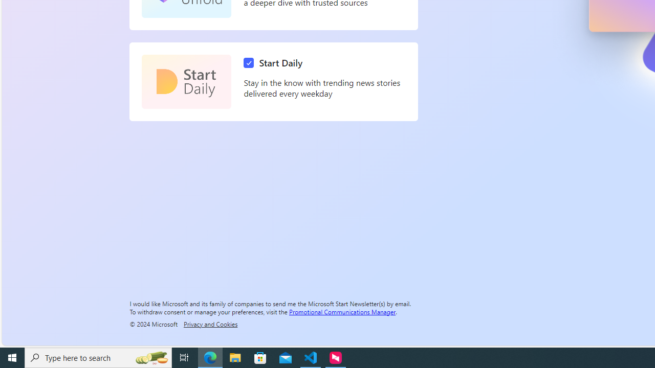  Describe the element at coordinates (342, 311) in the screenshot. I see `'Promotional Communications Manager'` at that location.